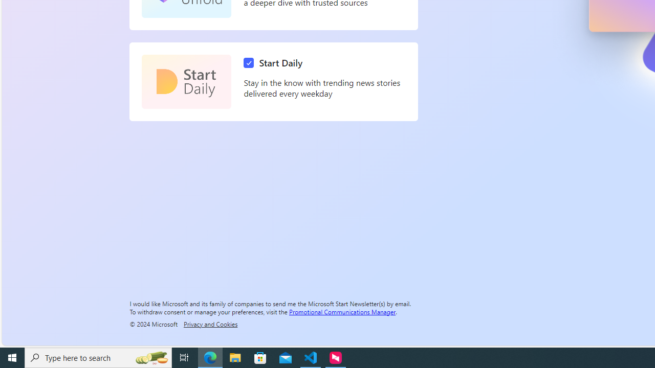  Describe the element at coordinates (342, 311) in the screenshot. I see `'Promotional Communications Manager'` at that location.